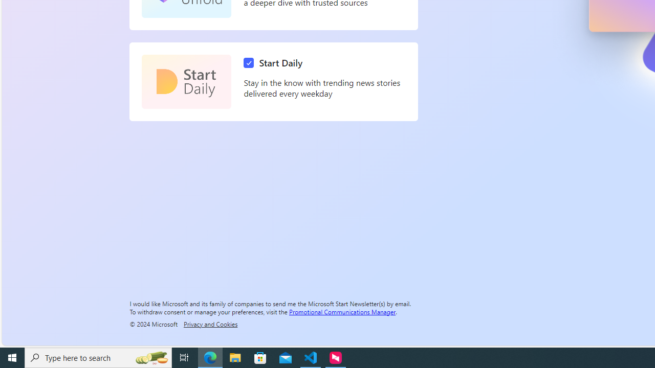  Describe the element at coordinates (342, 311) in the screenshot. I see `'Promotional Communications Manager'` at that location.